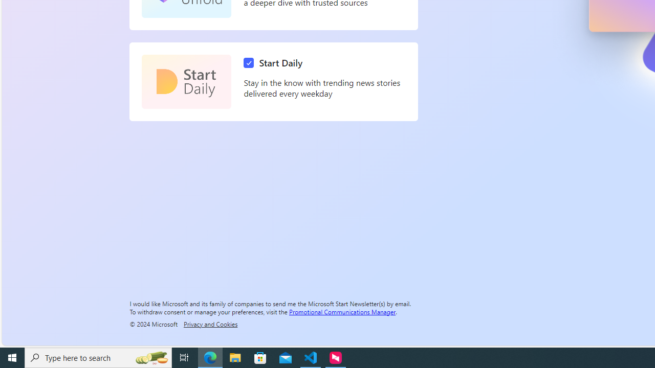  Describe the element at coordinates (342, 311) in the screenshot. I see `'Promotional Communications Manager'` at that location.